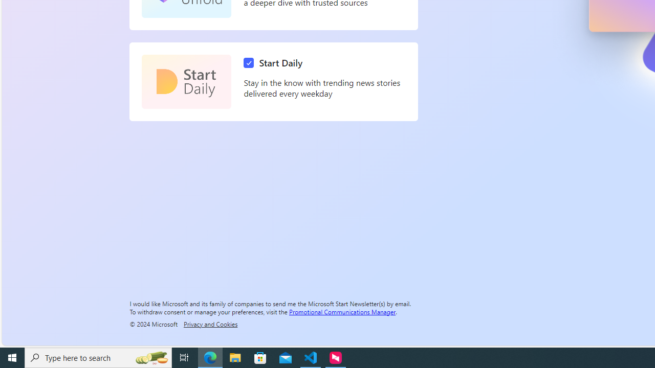  Describe the element at coordinates (342, 311) in the screenshot. I see `'Promotional Communications Manager'` at that location.